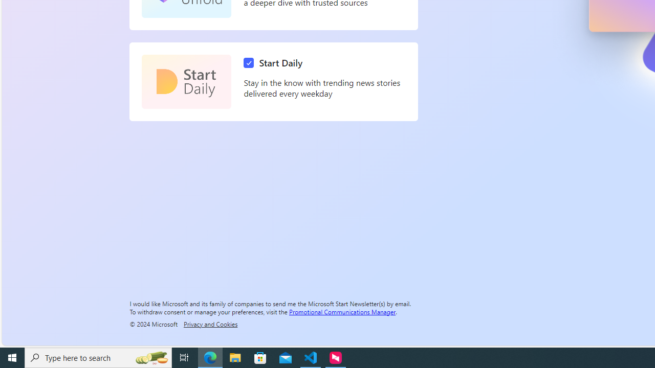  Describe the element at coordinates (342, 311) in the screenshot. I see `'Promotional Communications Manager'` at that location.